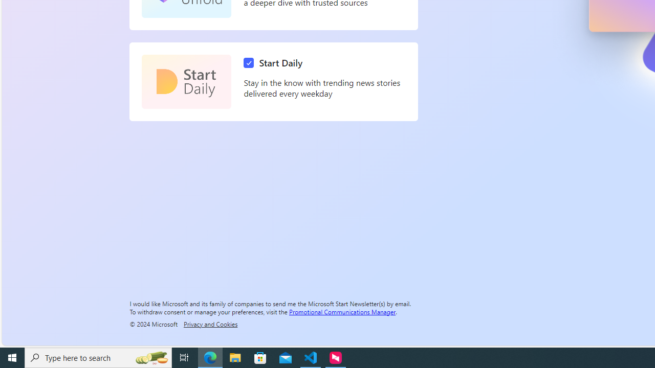  Describe the element at coordinates (342, 311) in the screenshot. I see `'Promotional Communications Manager'` at that location.